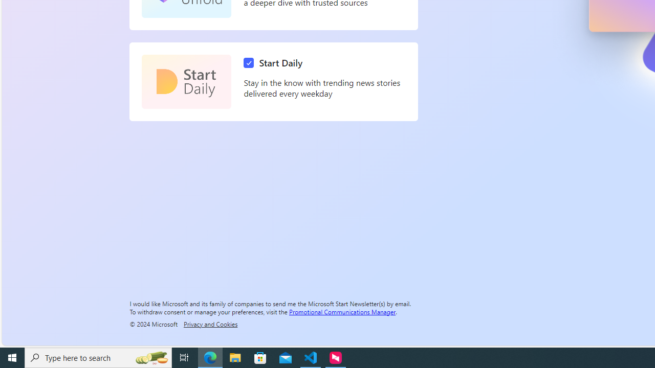  Describe the element at coordinates (342, 311) in the screenshot. I see `'Promotional Communications Manager'` at that location.